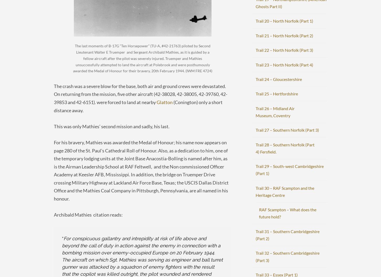 This screenshot has width=381, height=277. What do you see at coordinates (88, 214) in the screenshot?
I see `'Archibald Mathies  citation reads:'` at bounding box center [88, 214].